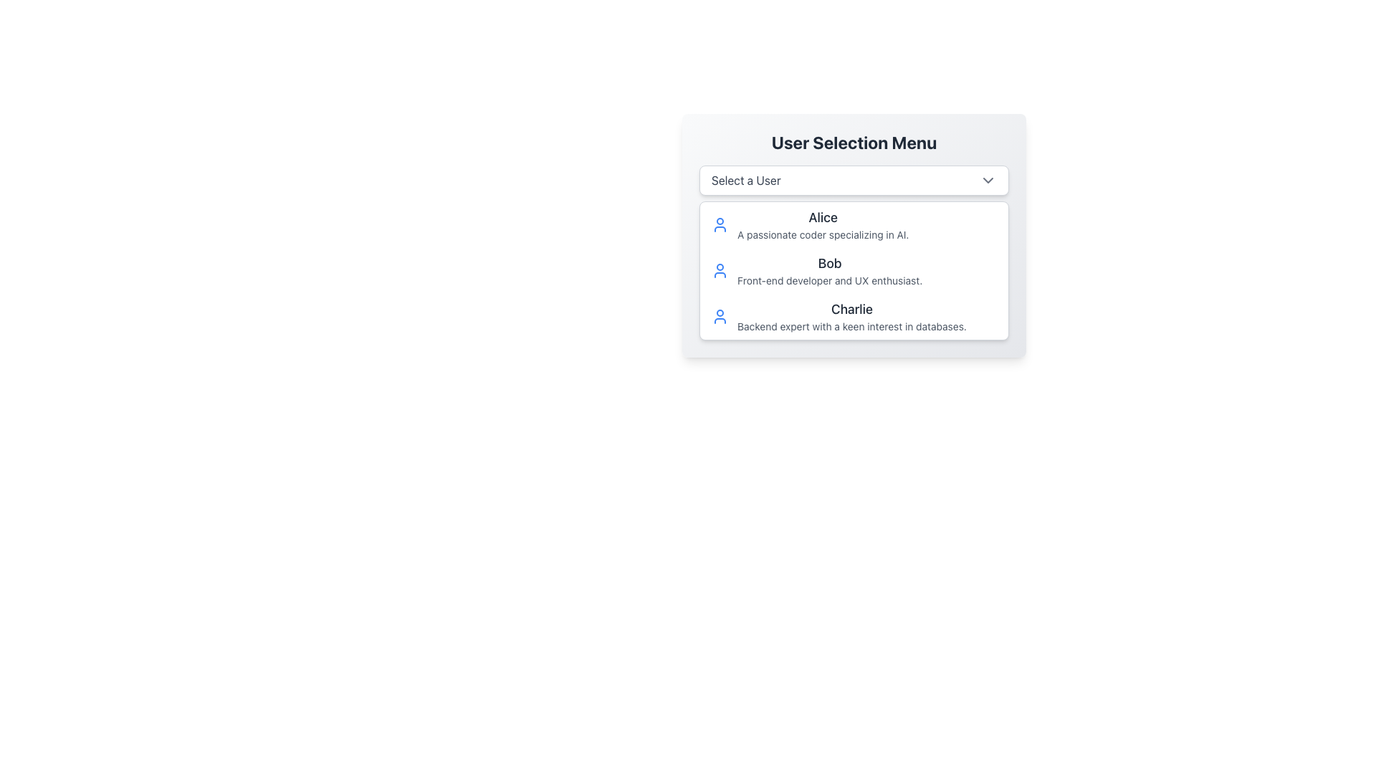 This screenshot has height=774, width=1376. I want to click on the text label 'Alice' that is bold and dark gray, positioned centrally in the user selection list, so click(823, 218).